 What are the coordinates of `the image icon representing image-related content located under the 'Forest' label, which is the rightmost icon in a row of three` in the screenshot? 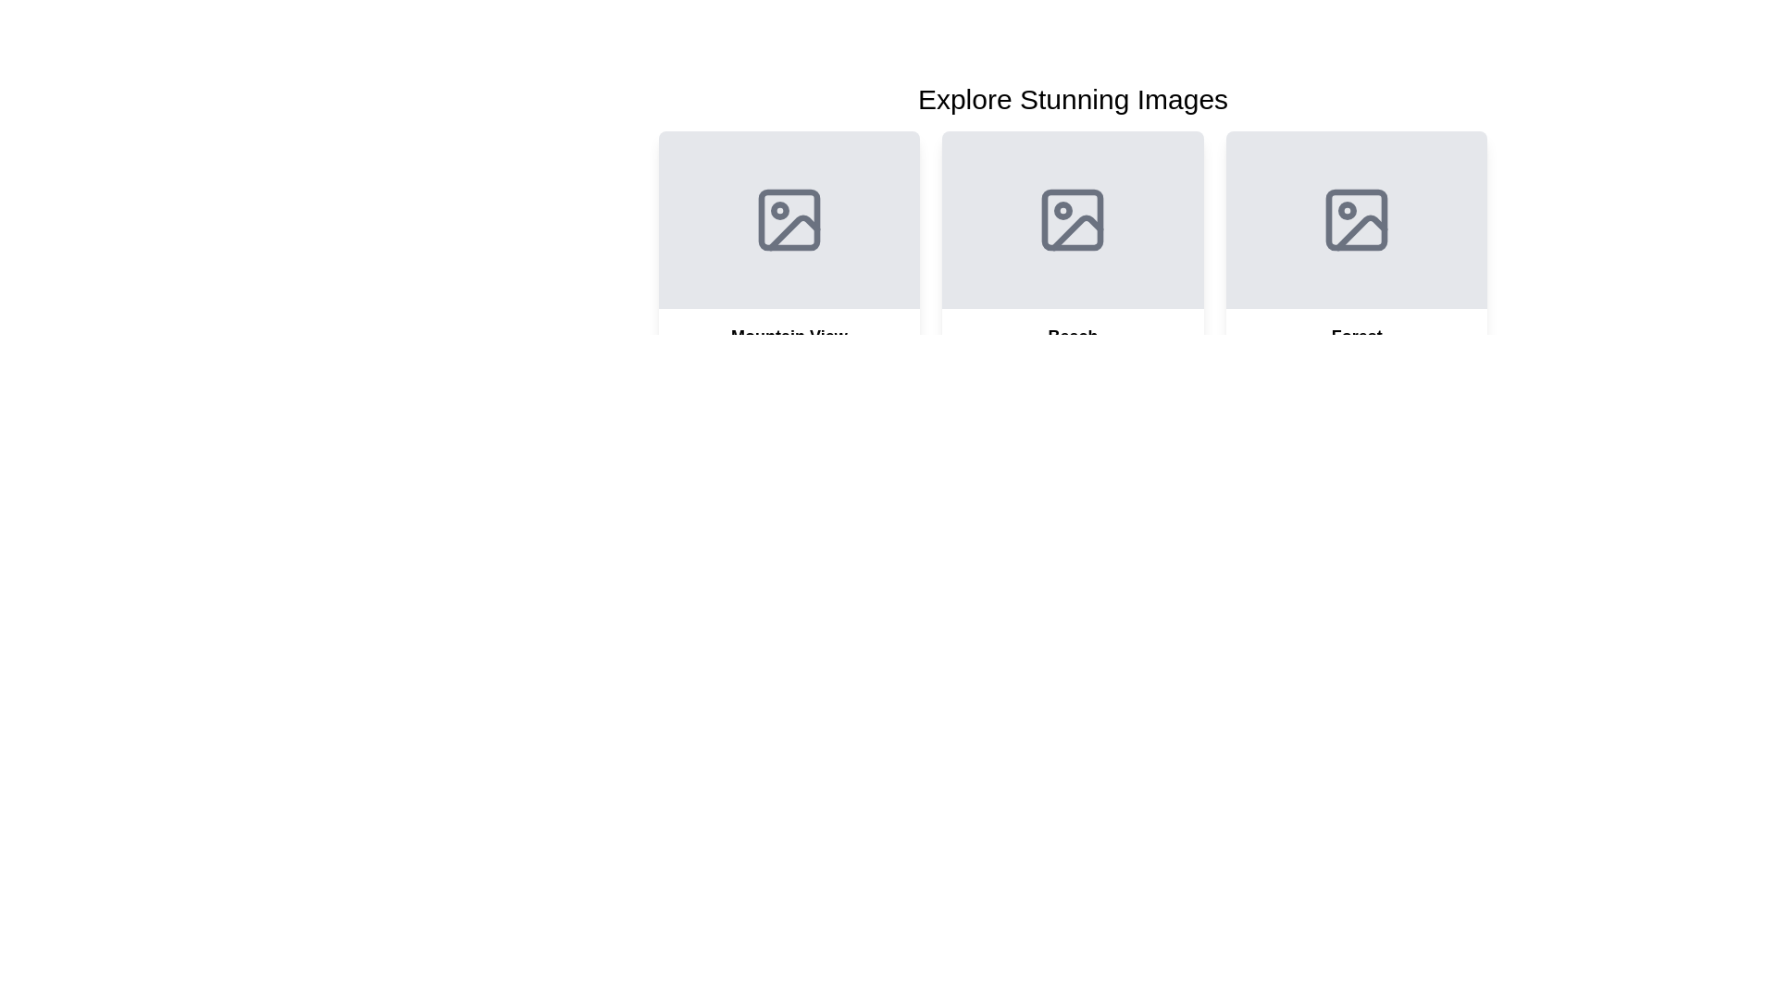 It's located at (1357, 219).